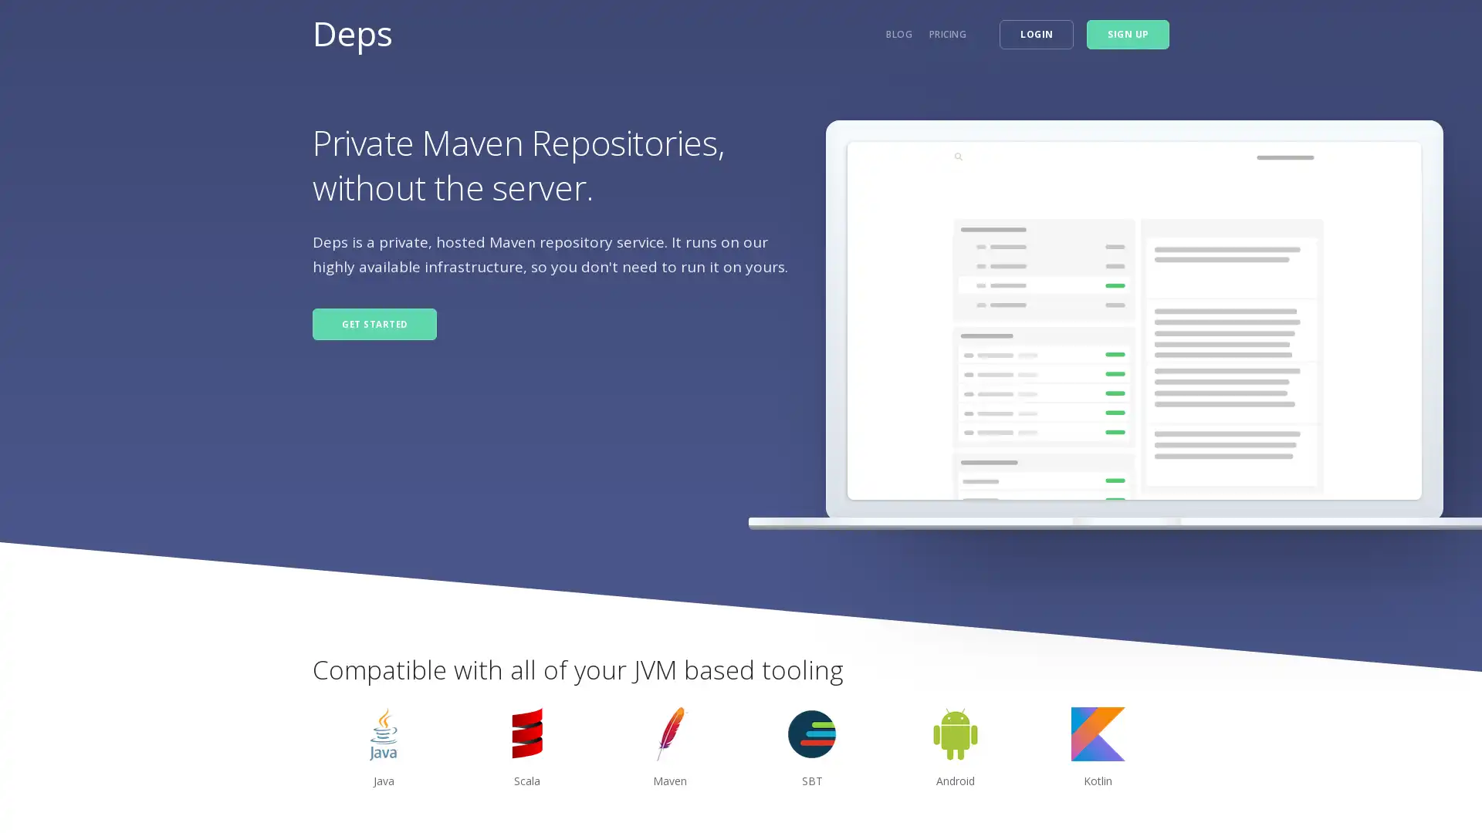 This screenshot has height=833, width=1482. Describe the element at coordinates (327, 748) in the screenshot. I see `previous` at that location.